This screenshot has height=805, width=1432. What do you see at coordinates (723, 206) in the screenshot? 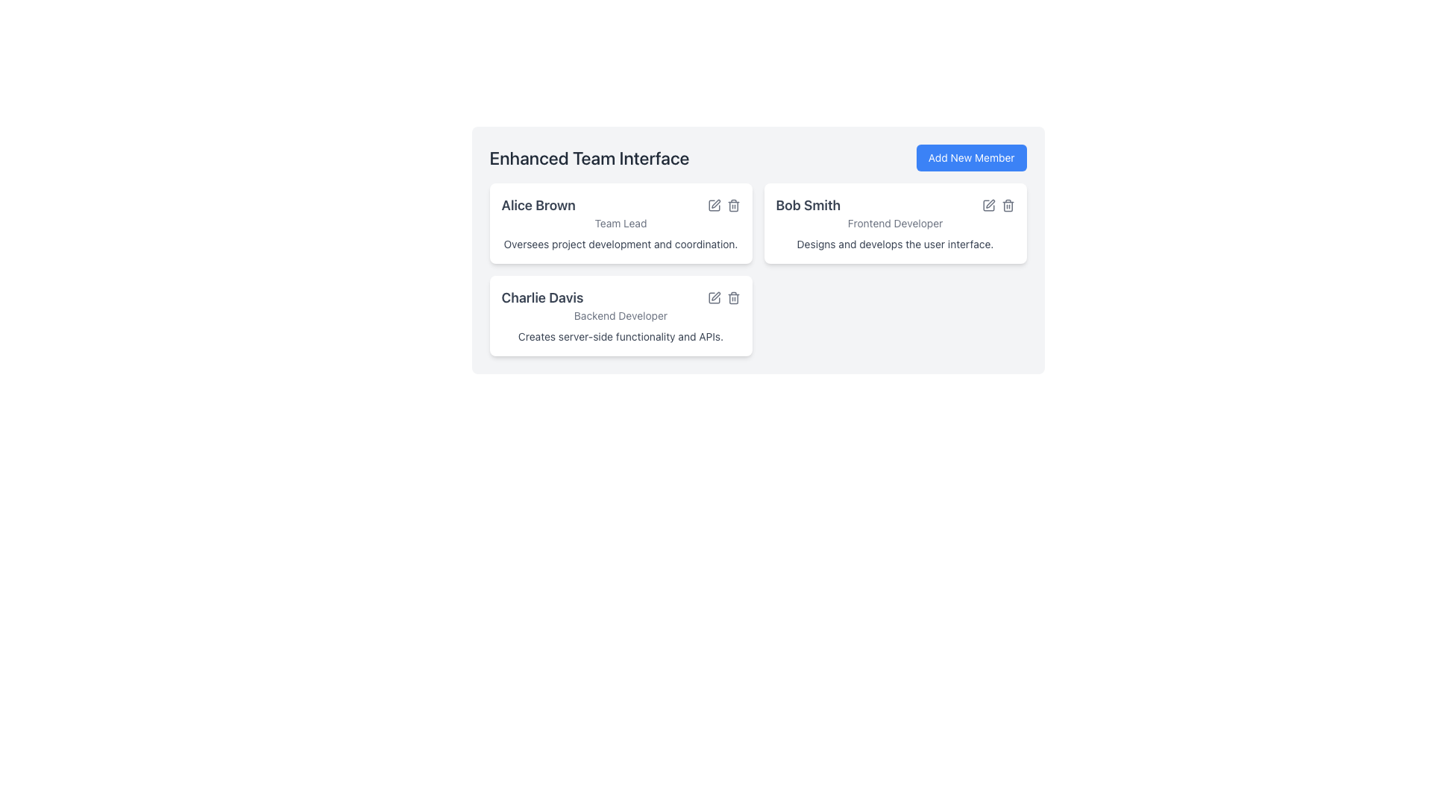
I see `the edit and delete icon group located in the top-right corner of the 'Alice Brown' card to change their color` at bounding box center [723, 206].